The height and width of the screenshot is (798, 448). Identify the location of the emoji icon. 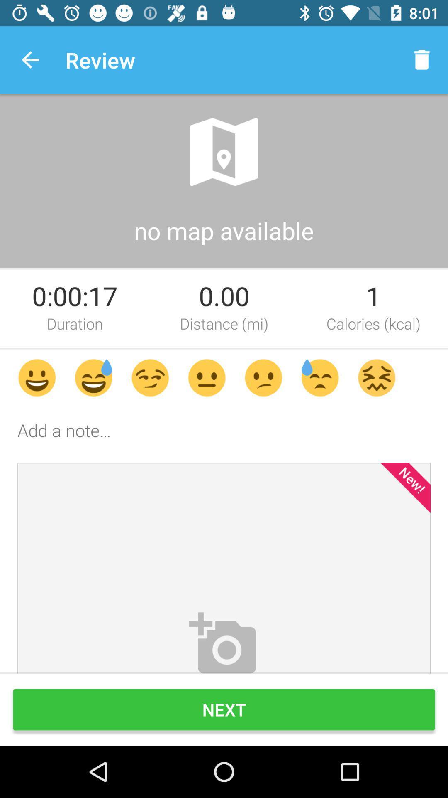
(377, 377).